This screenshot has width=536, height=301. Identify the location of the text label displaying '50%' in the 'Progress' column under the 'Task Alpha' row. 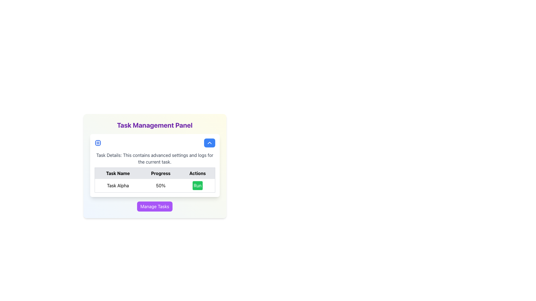
(160, 186).